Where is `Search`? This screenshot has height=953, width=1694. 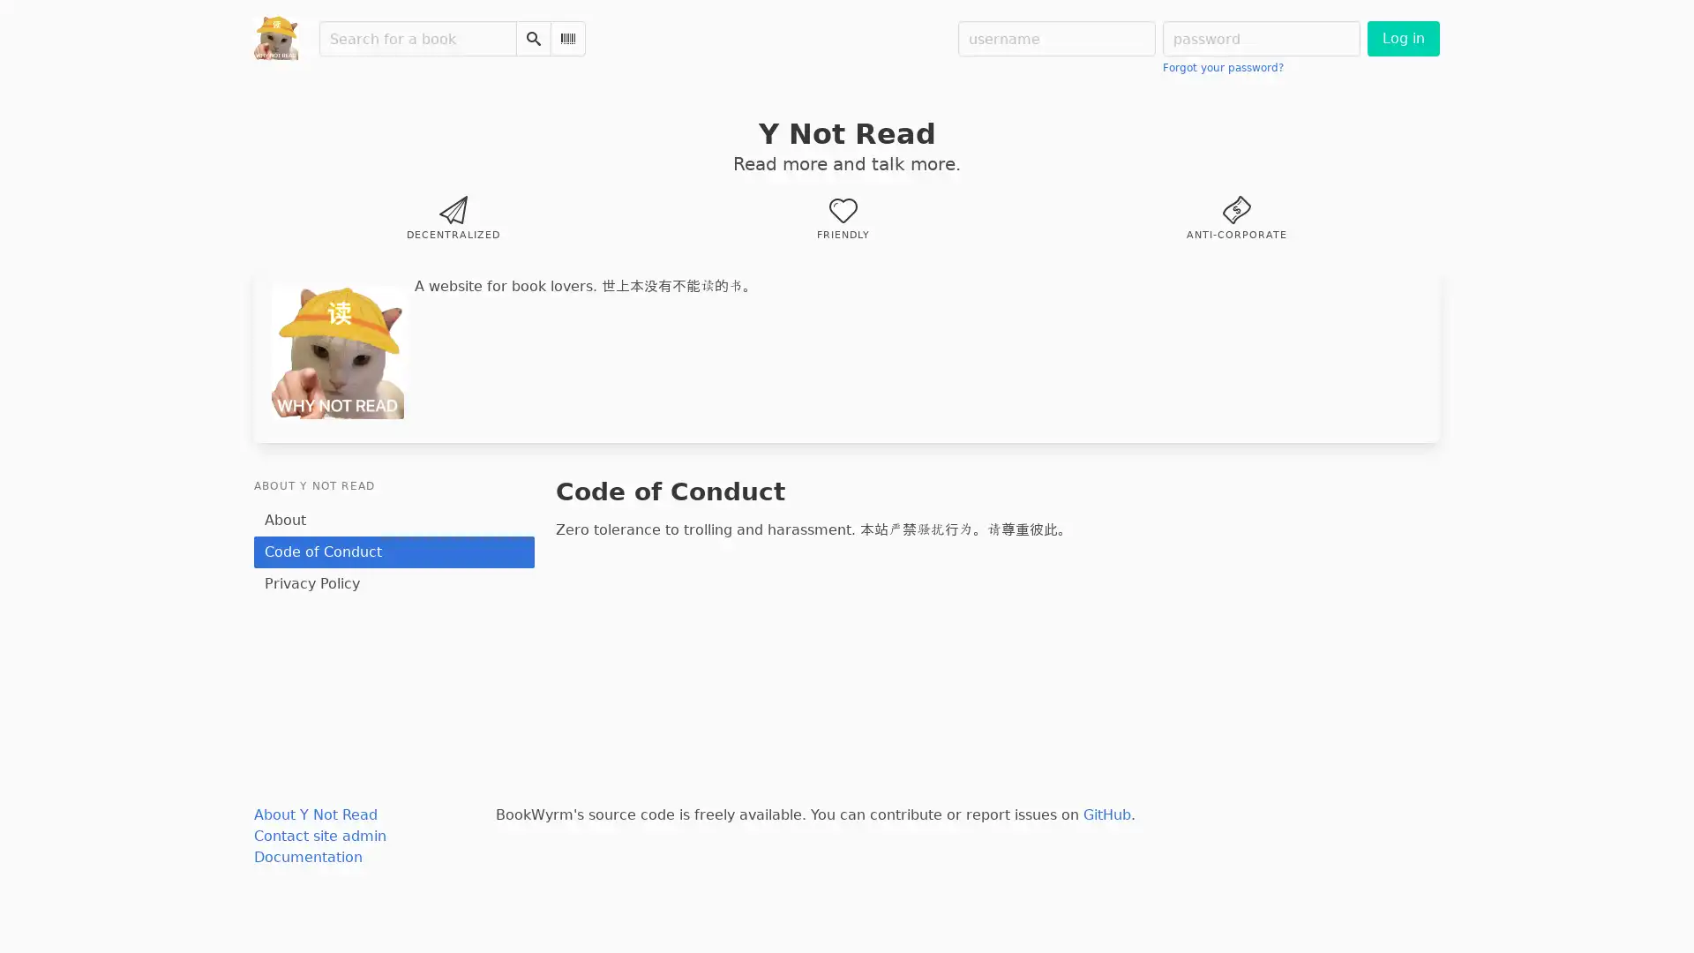
Search is located at coordinates (532, 38).